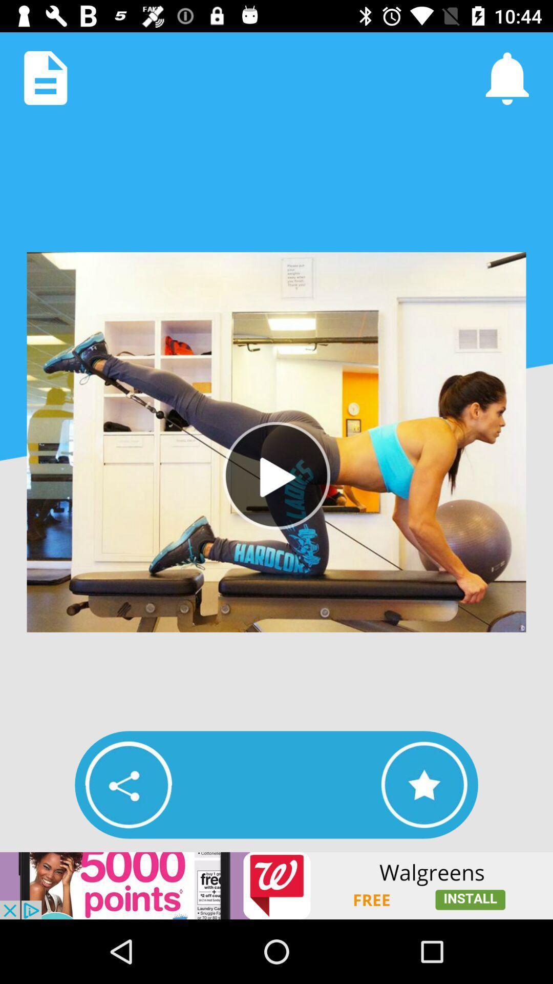 This screenshot has width=553, height=984. What do you see at coordinates (128, 784) in the screenshot?
I see `share link` at bounding box center [128, 784].